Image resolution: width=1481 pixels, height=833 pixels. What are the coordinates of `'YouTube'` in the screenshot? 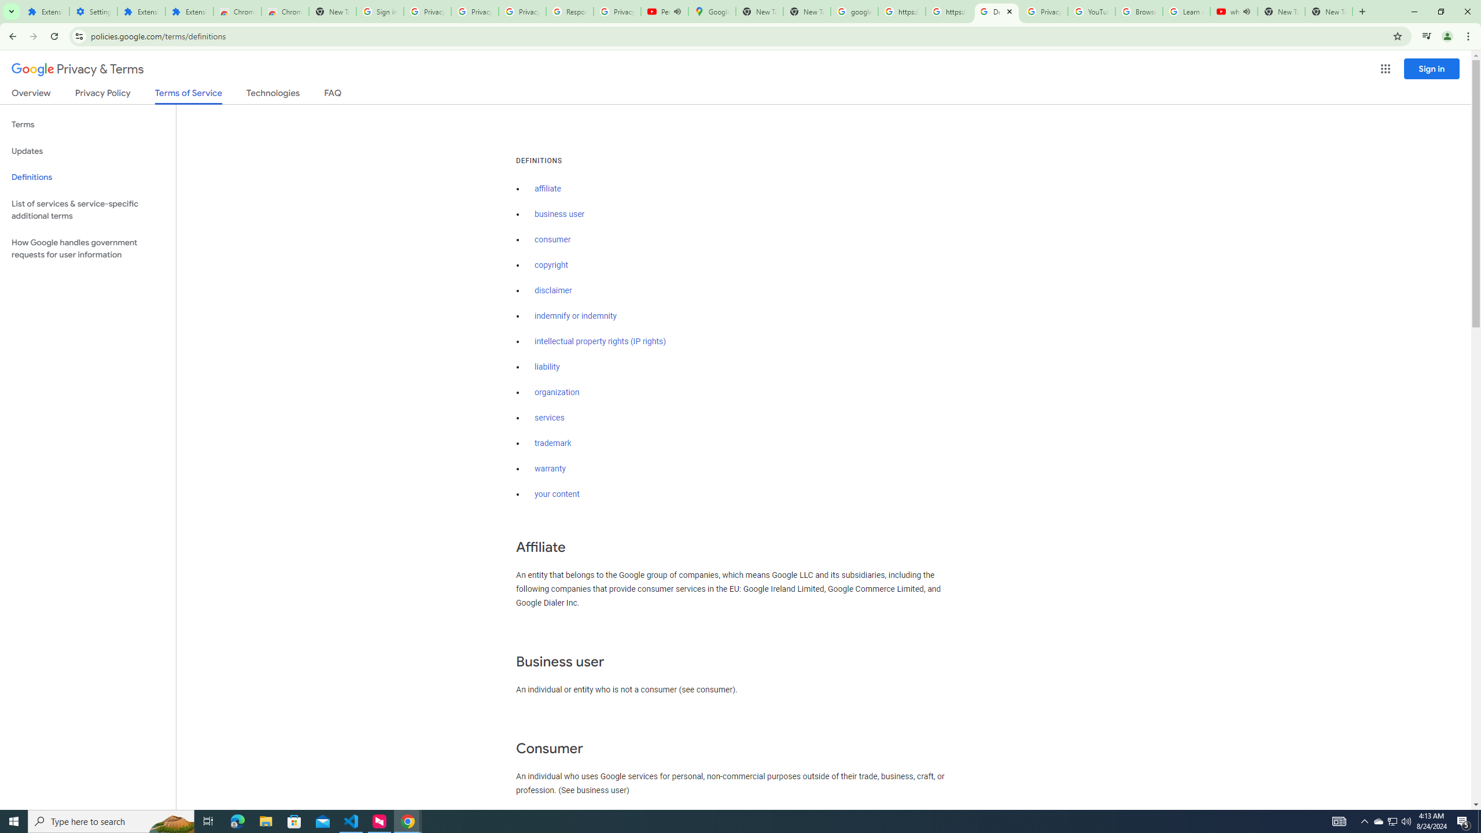 It's located at (1092, 11).